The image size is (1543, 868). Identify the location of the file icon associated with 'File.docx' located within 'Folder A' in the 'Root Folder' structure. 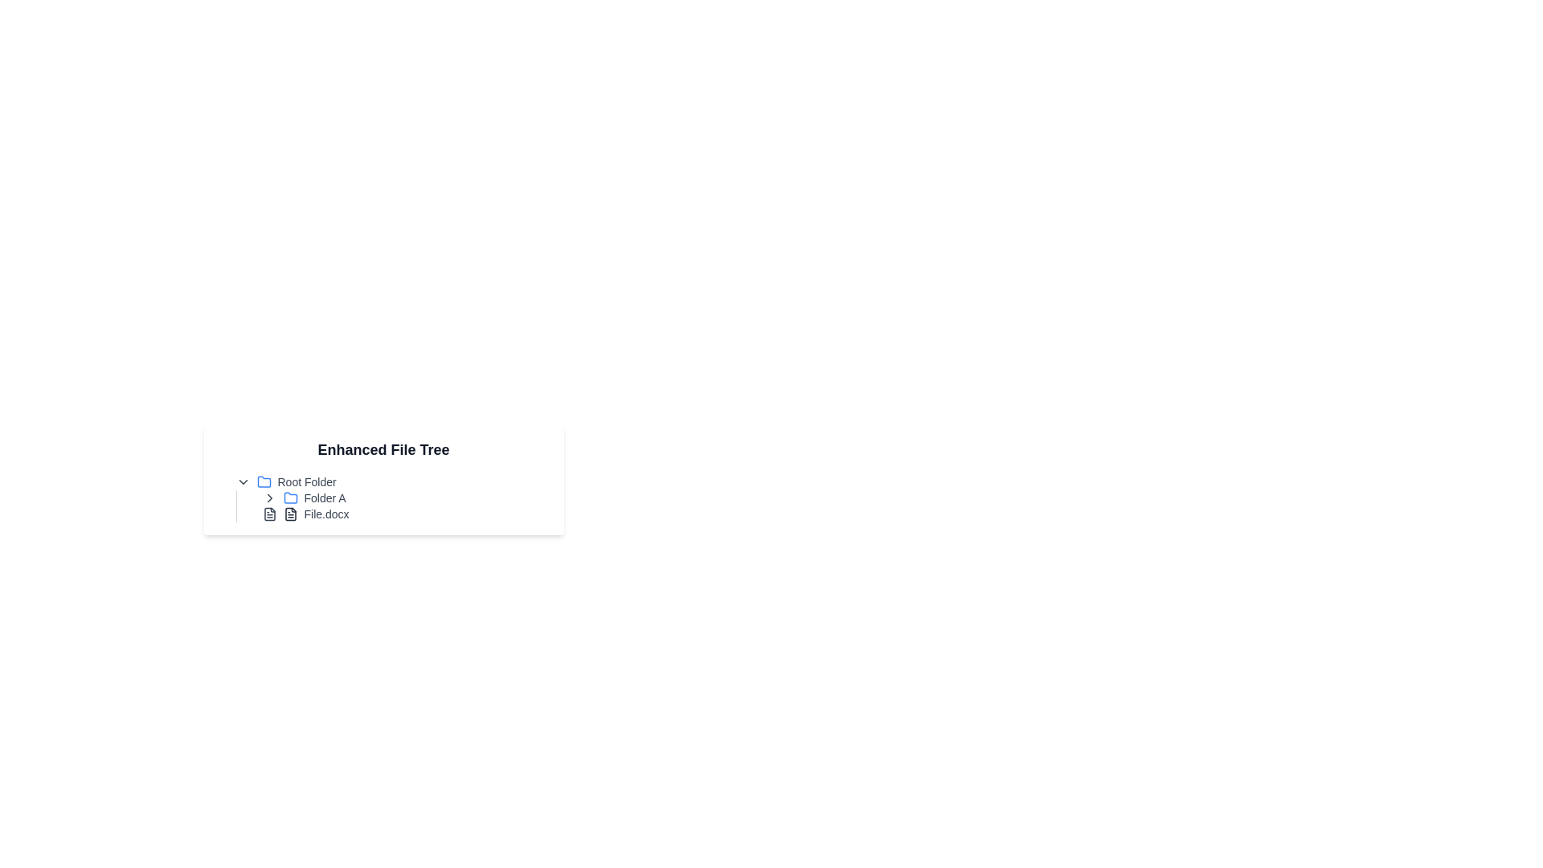
(290, 514).